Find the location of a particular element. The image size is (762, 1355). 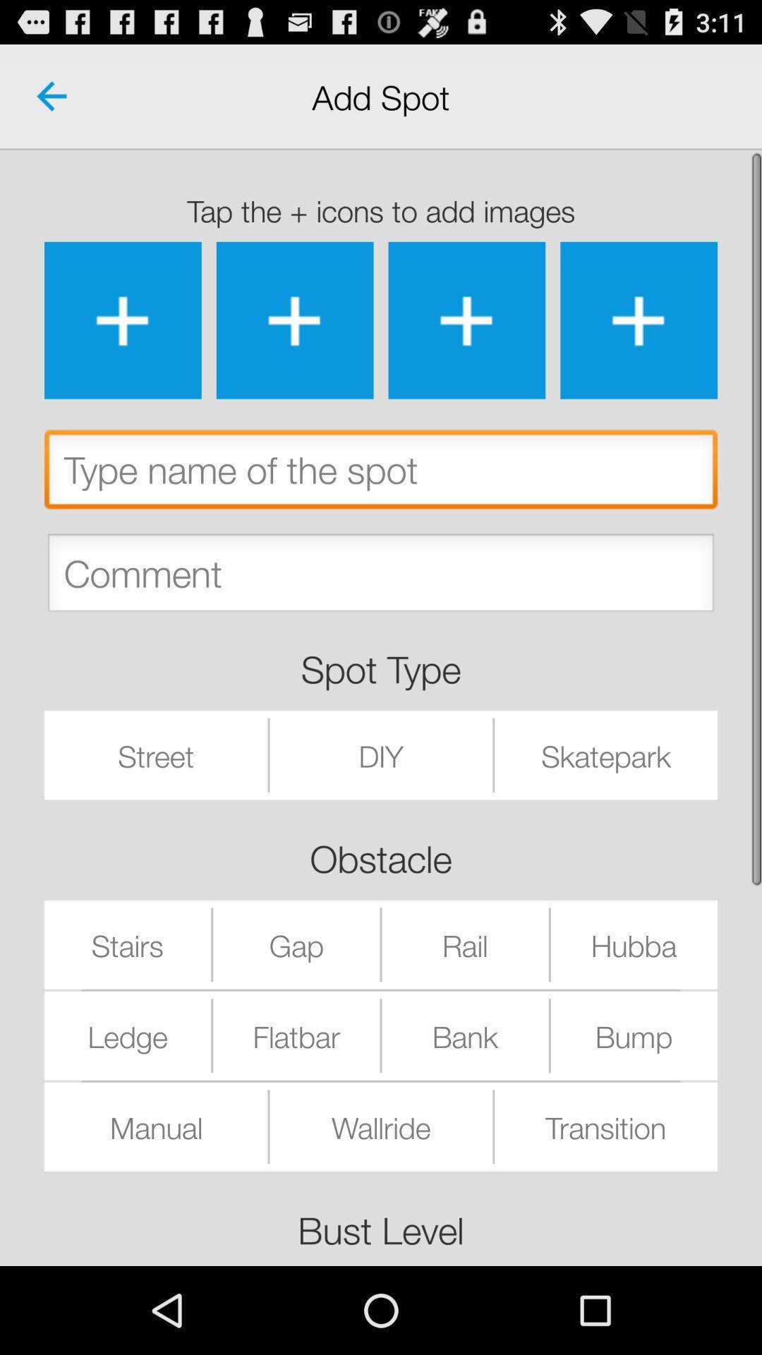

stairs icon is located at coordinates (128, 944).